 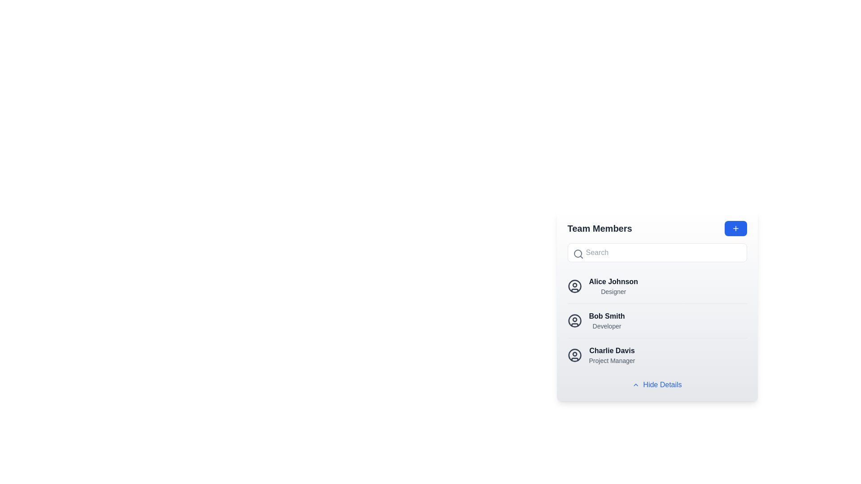 What do you see at coordinates (574, 286) in the screenshot?
I see `the circular user profile icon with a dark gray outline to associate it with the profile of 'Alice Johnson'` at bounding box center [574, 286].